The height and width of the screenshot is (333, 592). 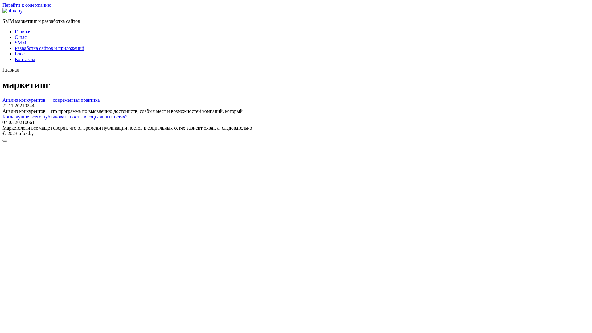 I want to click on 'SMM', so click(x=20, y=42).